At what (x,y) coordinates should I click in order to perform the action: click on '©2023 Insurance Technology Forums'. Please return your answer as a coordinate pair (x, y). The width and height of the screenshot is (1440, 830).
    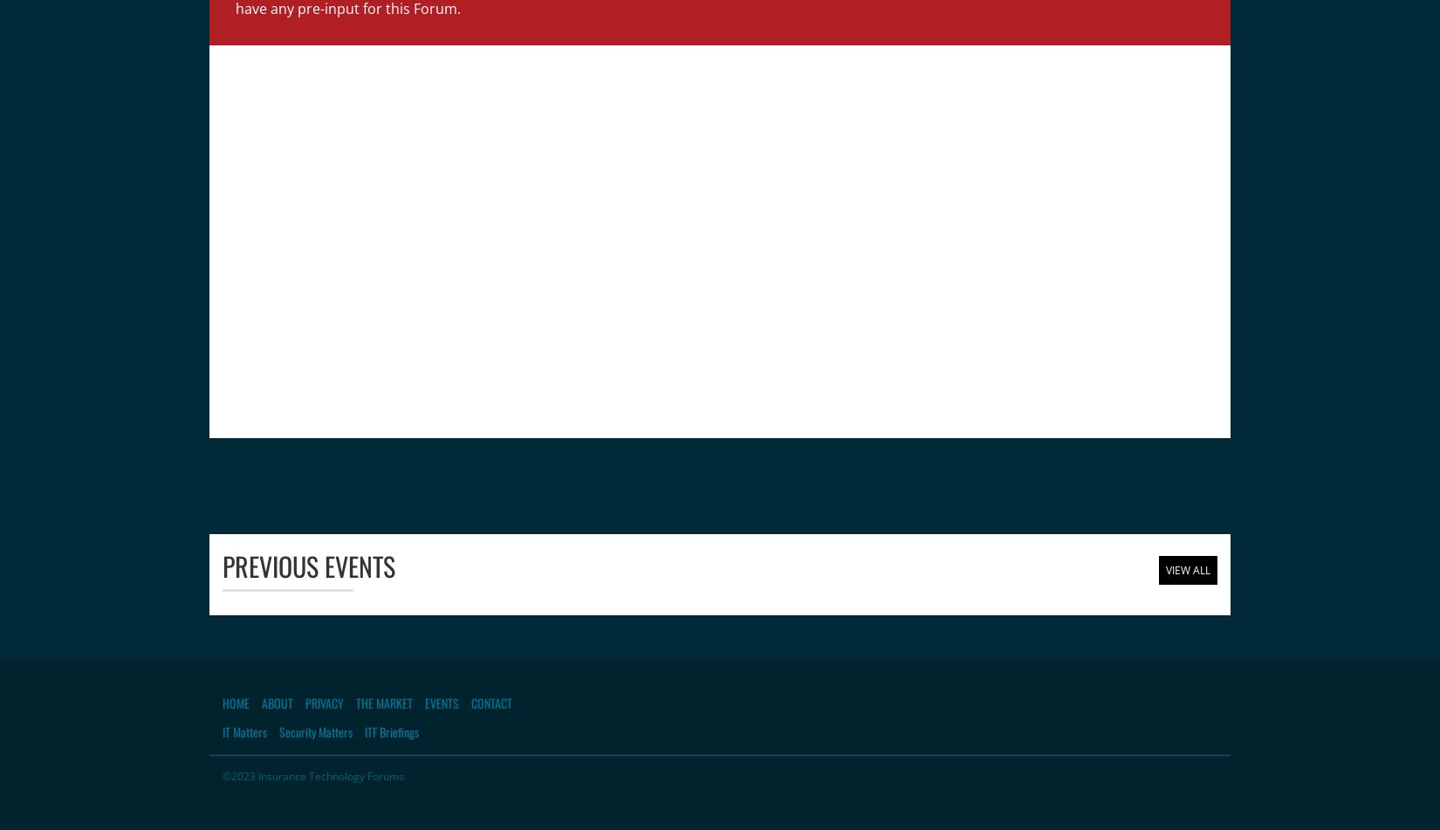
    Looking at the image, I should click on (313, 775).